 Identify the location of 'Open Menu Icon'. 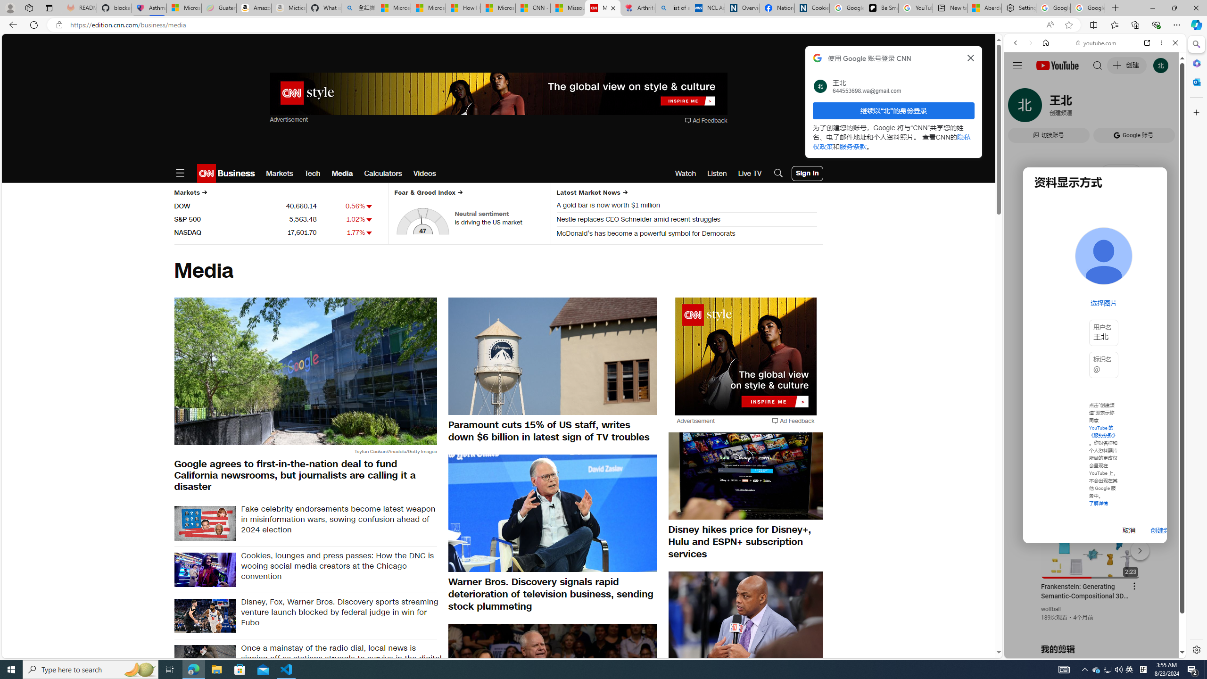
(179, 173).